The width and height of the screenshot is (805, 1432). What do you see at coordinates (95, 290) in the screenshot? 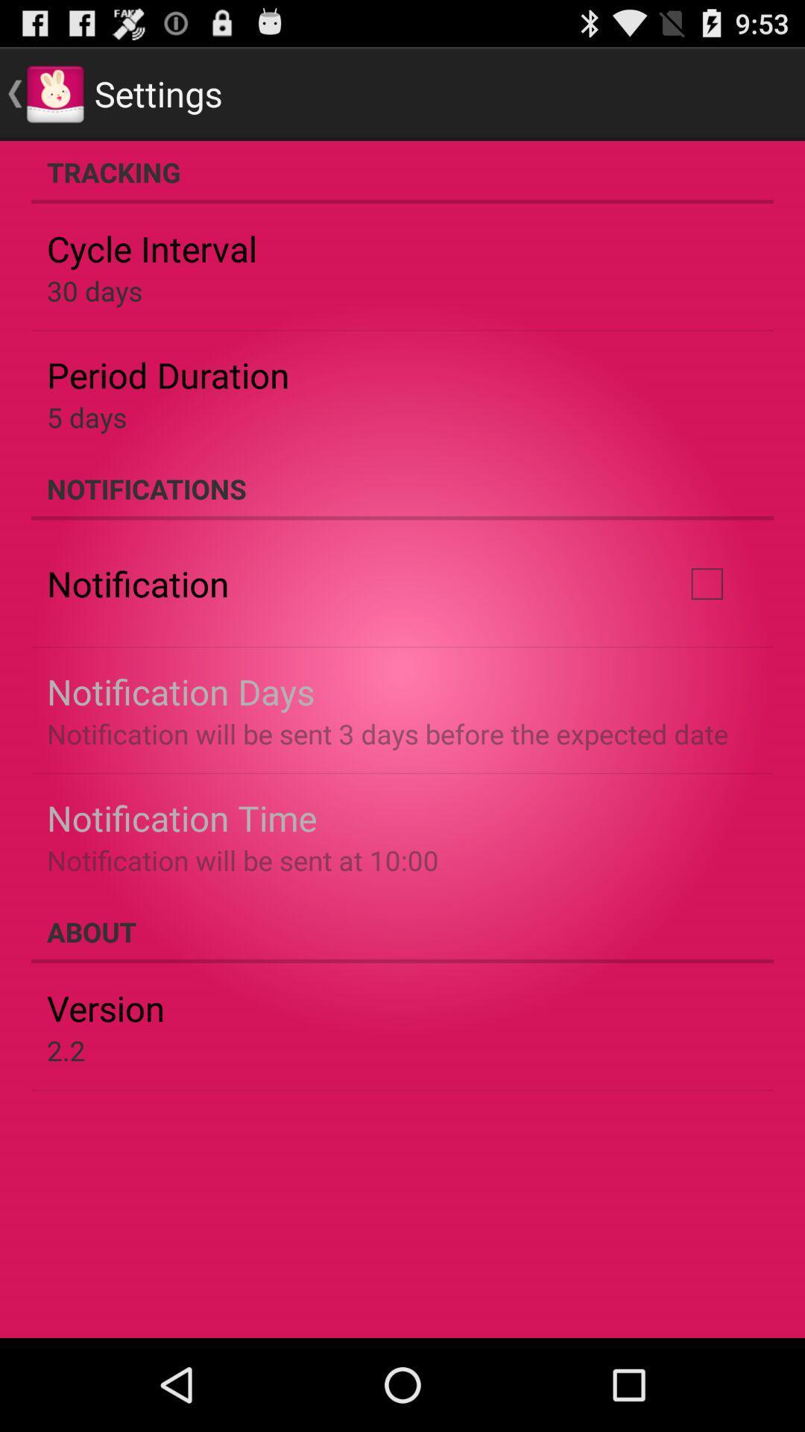
I see `30 days app` at bounding box center [95, 290].